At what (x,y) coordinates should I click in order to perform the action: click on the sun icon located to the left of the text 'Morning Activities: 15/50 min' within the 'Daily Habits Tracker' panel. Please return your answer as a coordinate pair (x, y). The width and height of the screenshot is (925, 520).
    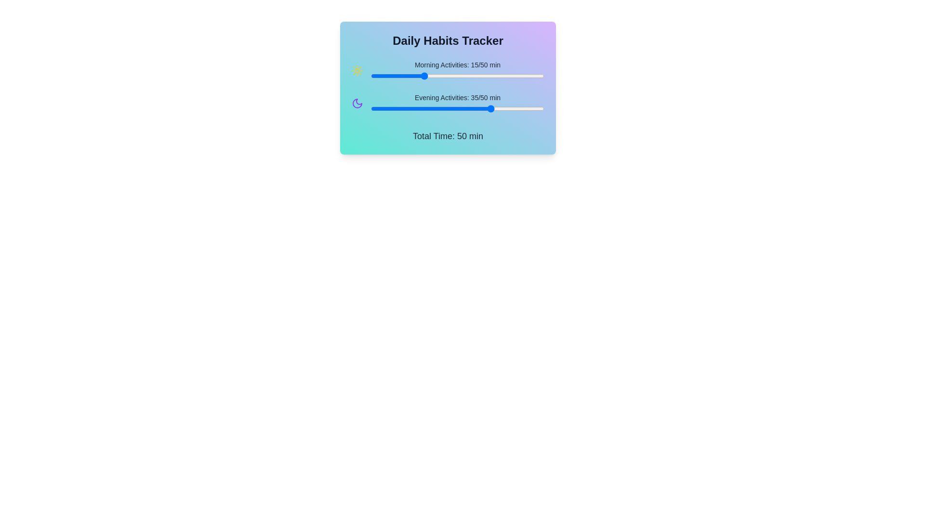
    Looking at the image, I should click on (357, 70).